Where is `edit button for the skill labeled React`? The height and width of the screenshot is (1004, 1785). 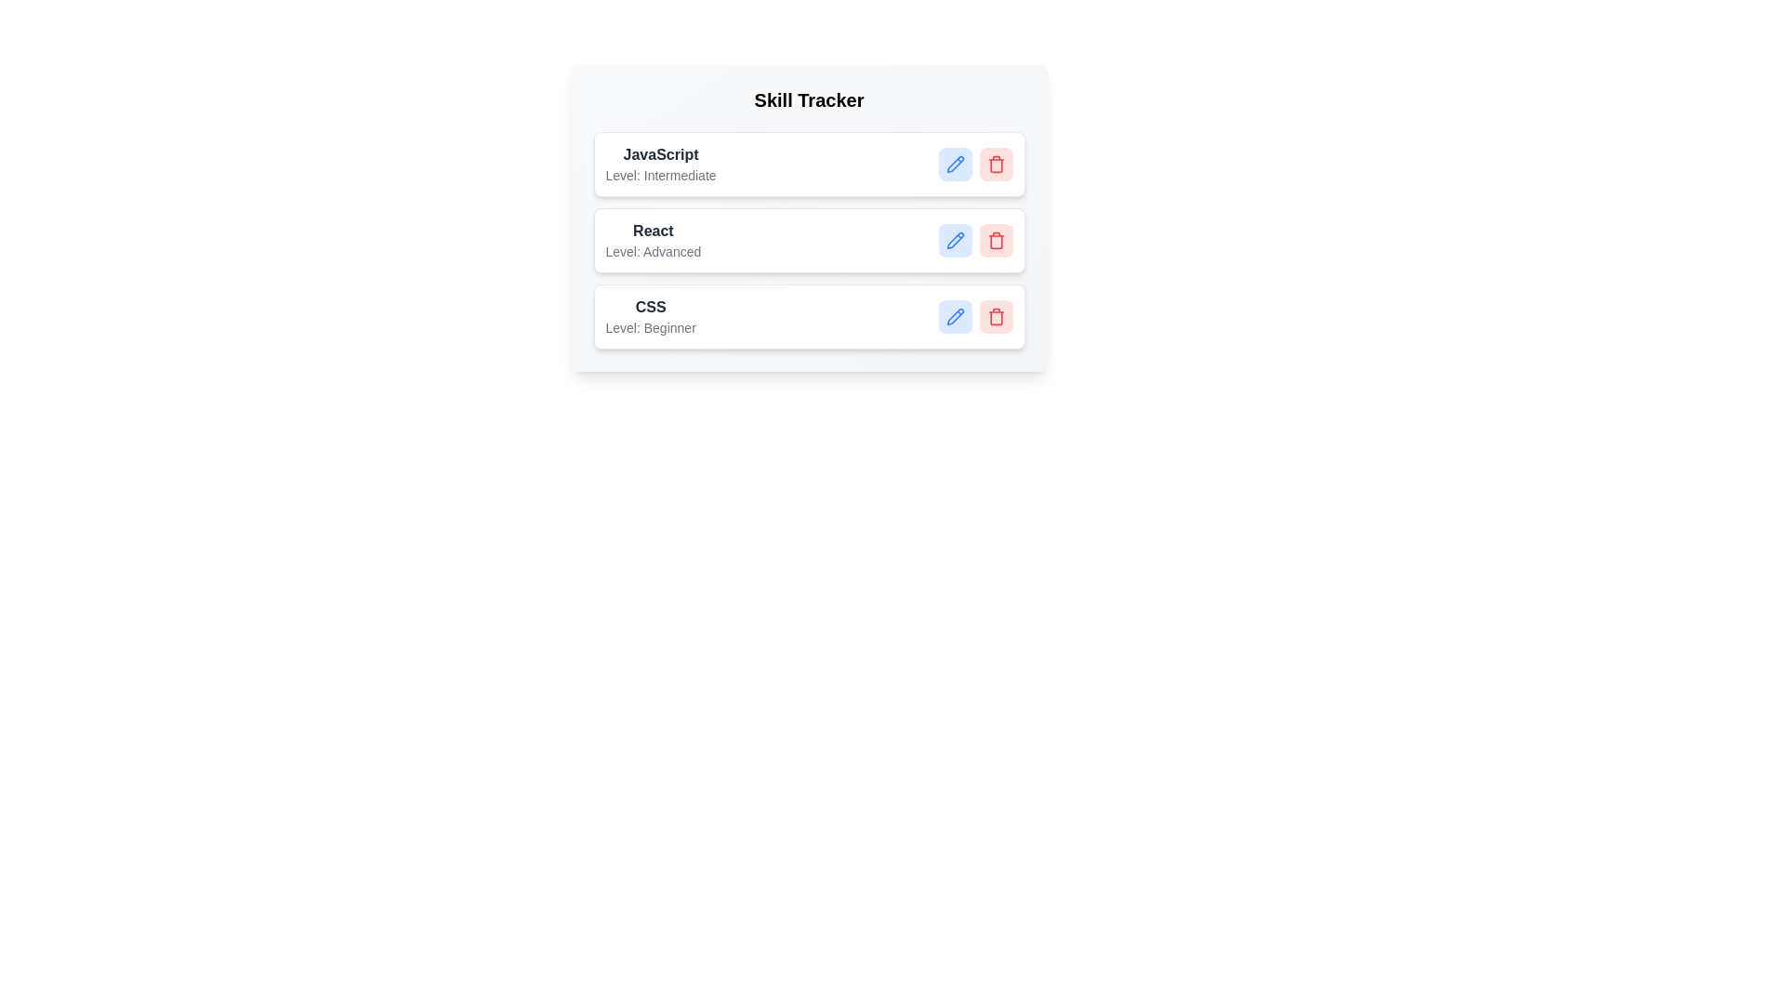
edit button for the skill labeled React is located at coordinates (955, 239).